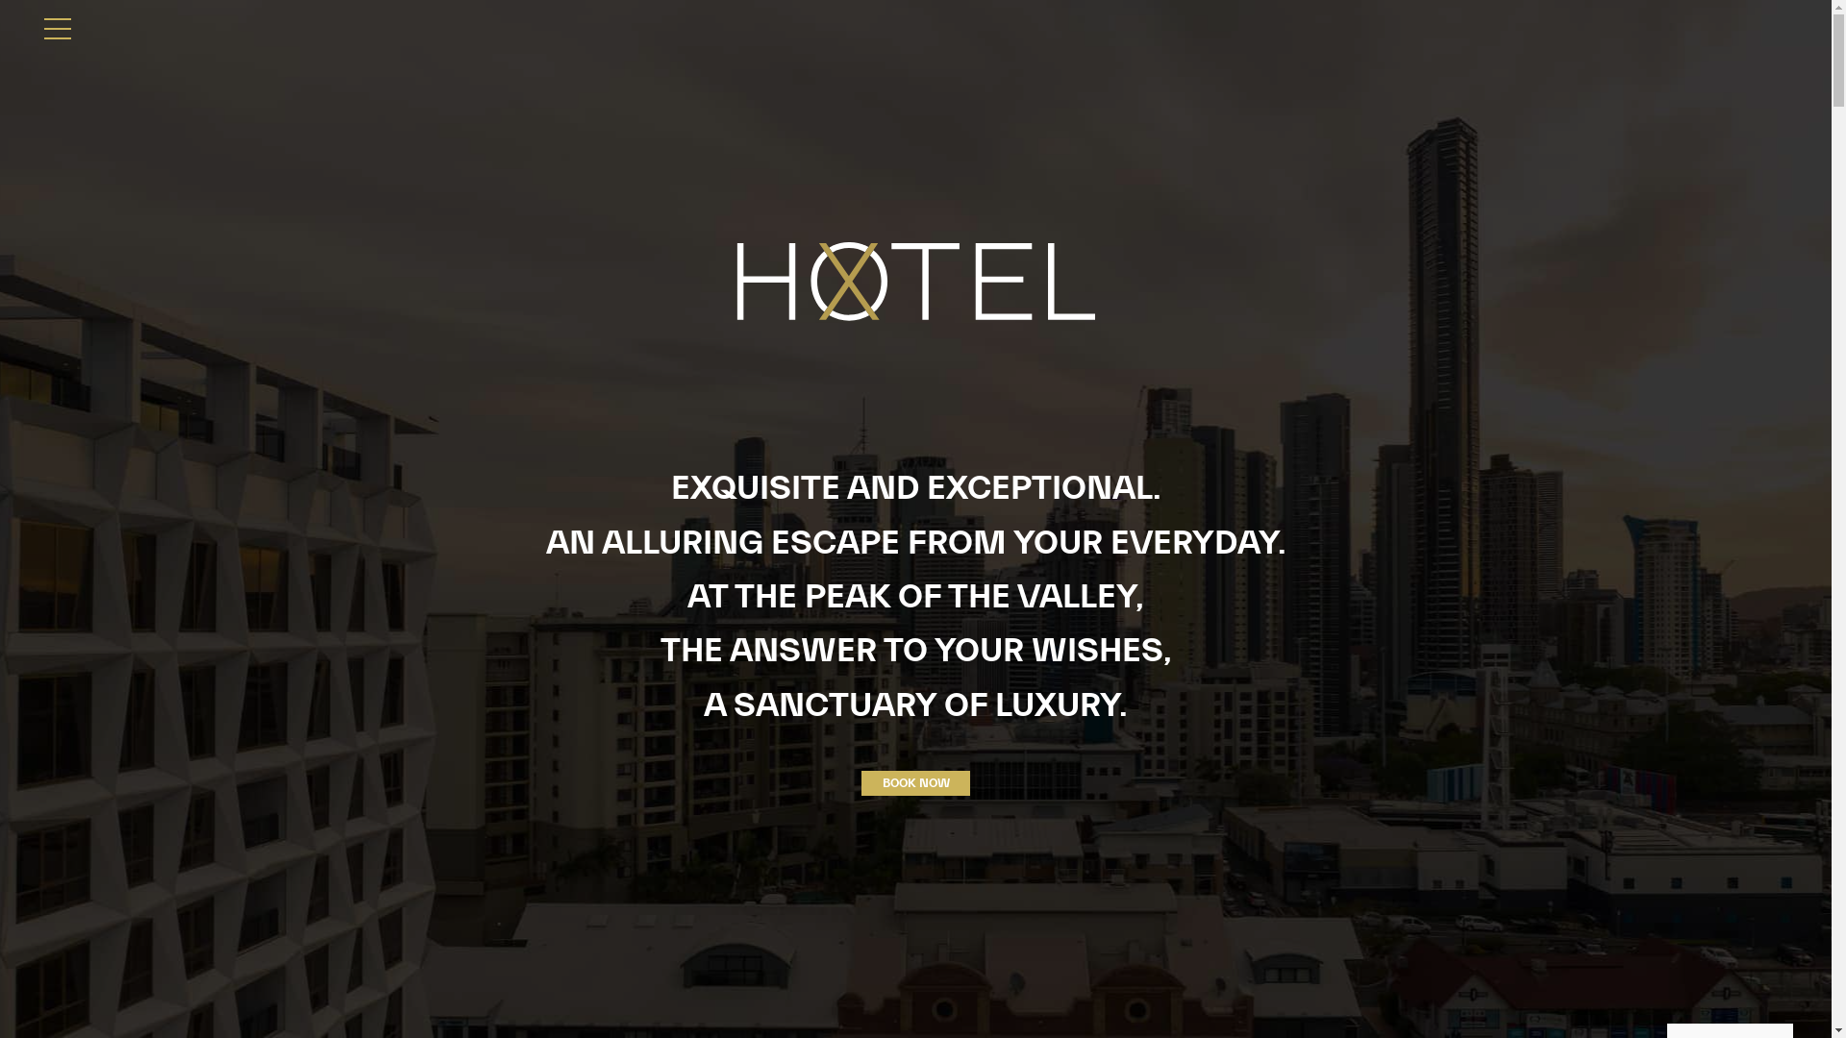 This screenshot has height=1038, width=1846. What do you see at coordinates (914, 782) in the screenshot?
I see `'BOOK NOW'` at bounding box center [914, 782].